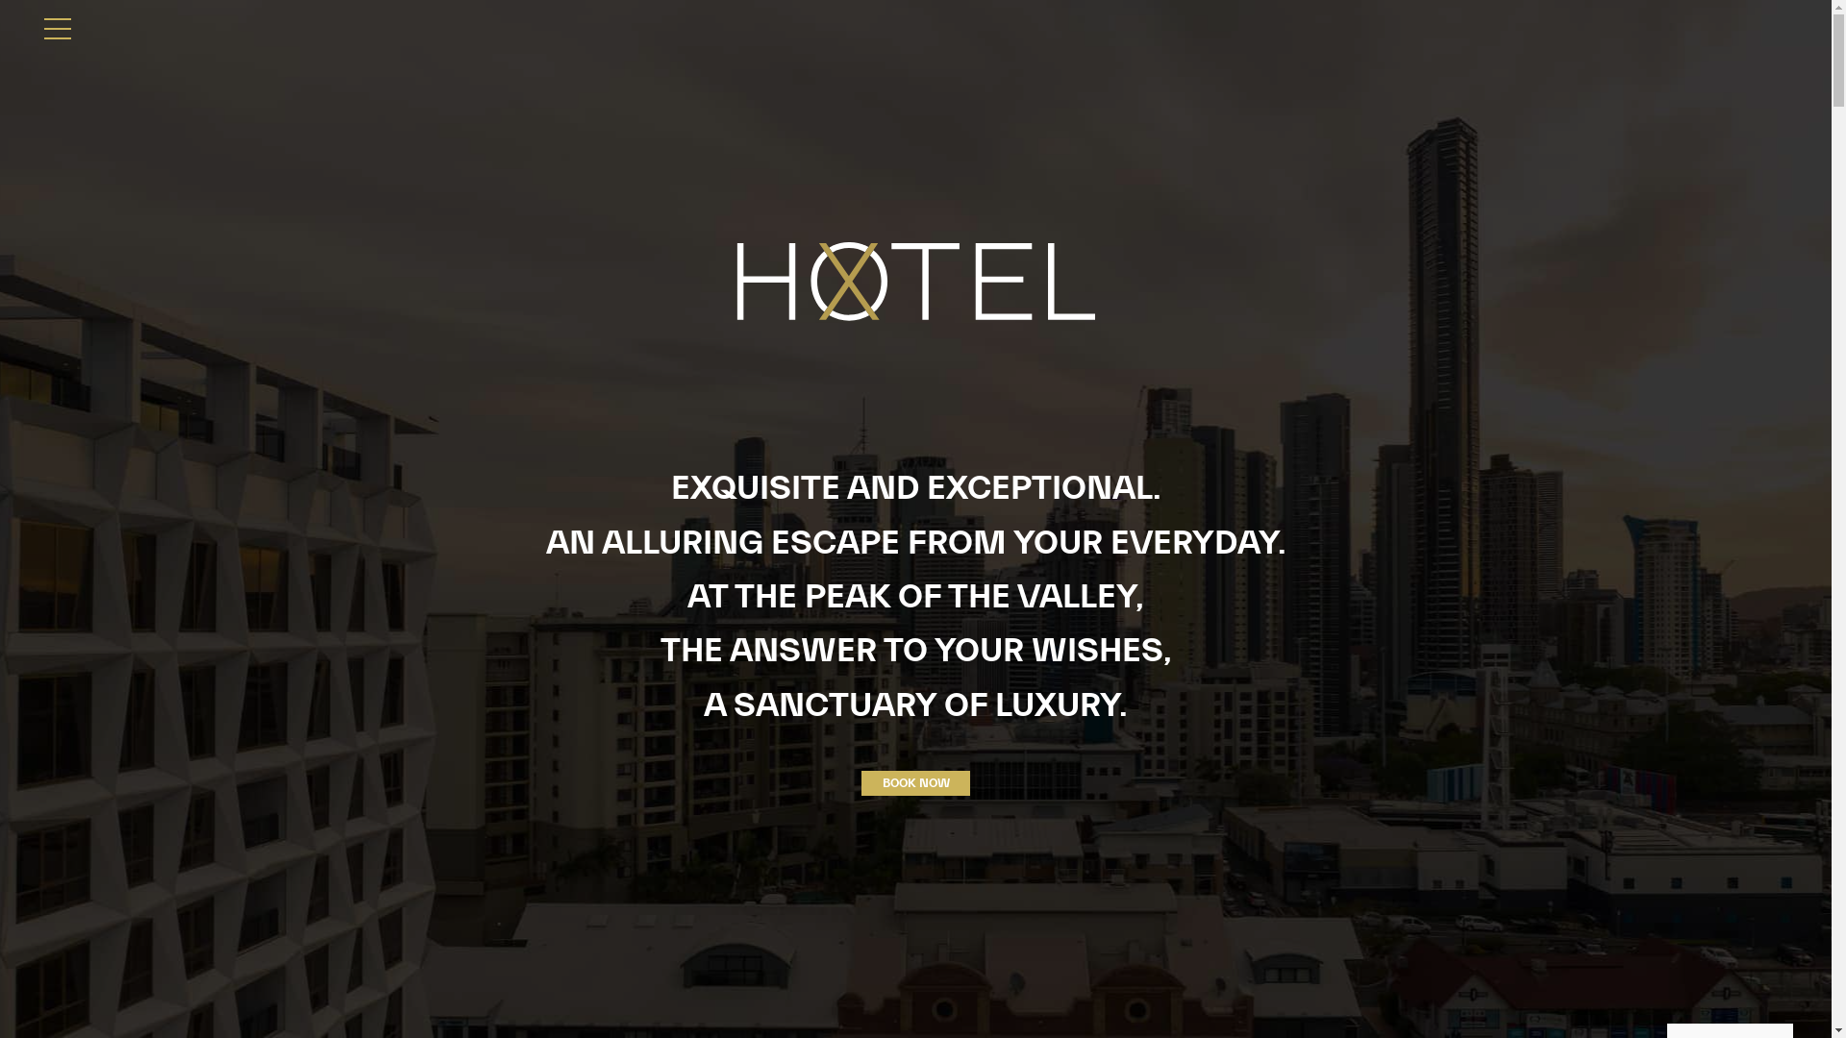 This screenshot has height=1038, width=1846. What do you see at coordinates (914, 782) in the screenshot?
I see `'BOOK NOW'` at bounding box center [914, 782].